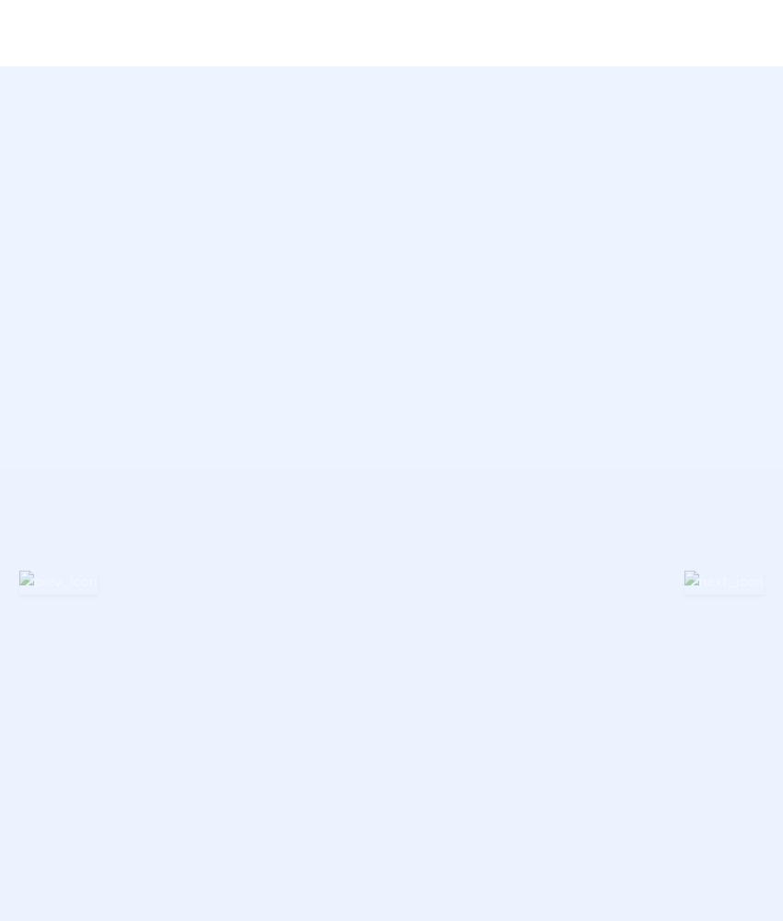 The image size is (783, 921). I want to click on 'DOWNLOAD ON THE', so click(415, 257).